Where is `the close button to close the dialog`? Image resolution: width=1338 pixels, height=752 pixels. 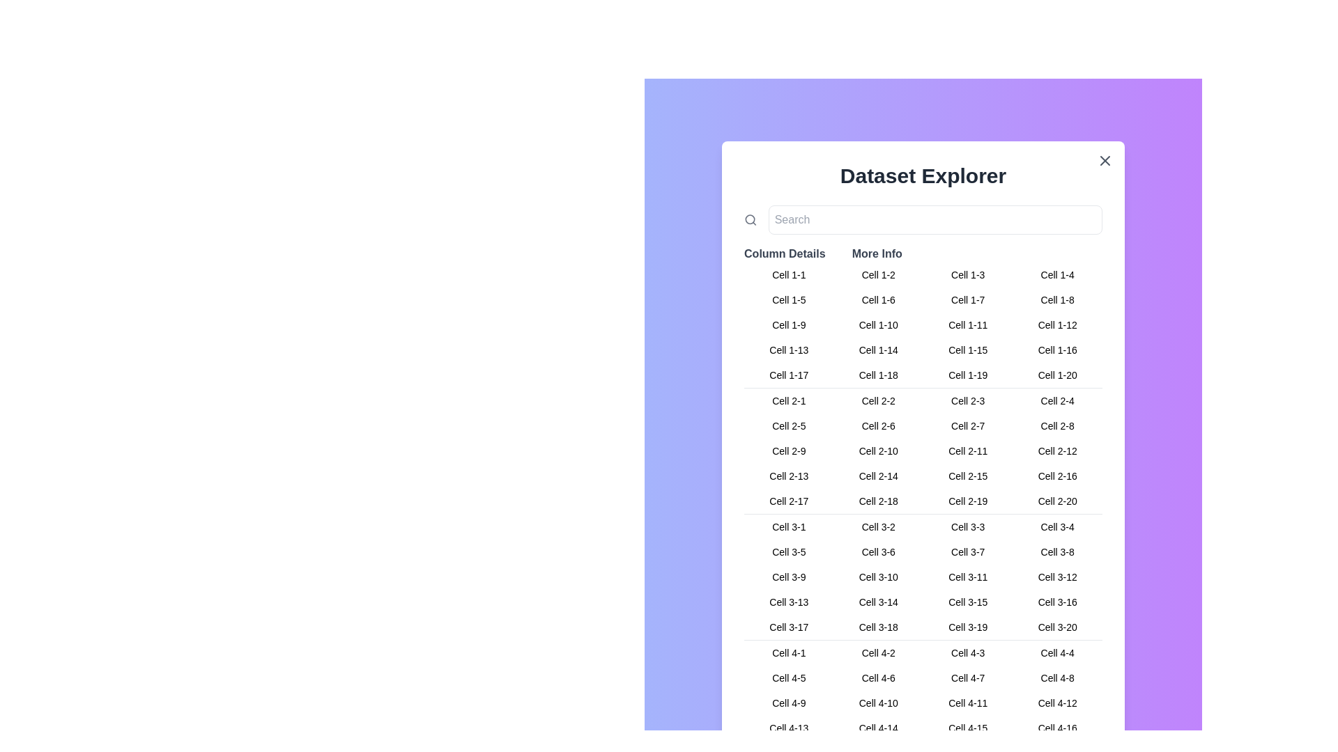
the close button to close the dialog is located at coordinates (1104, 160).